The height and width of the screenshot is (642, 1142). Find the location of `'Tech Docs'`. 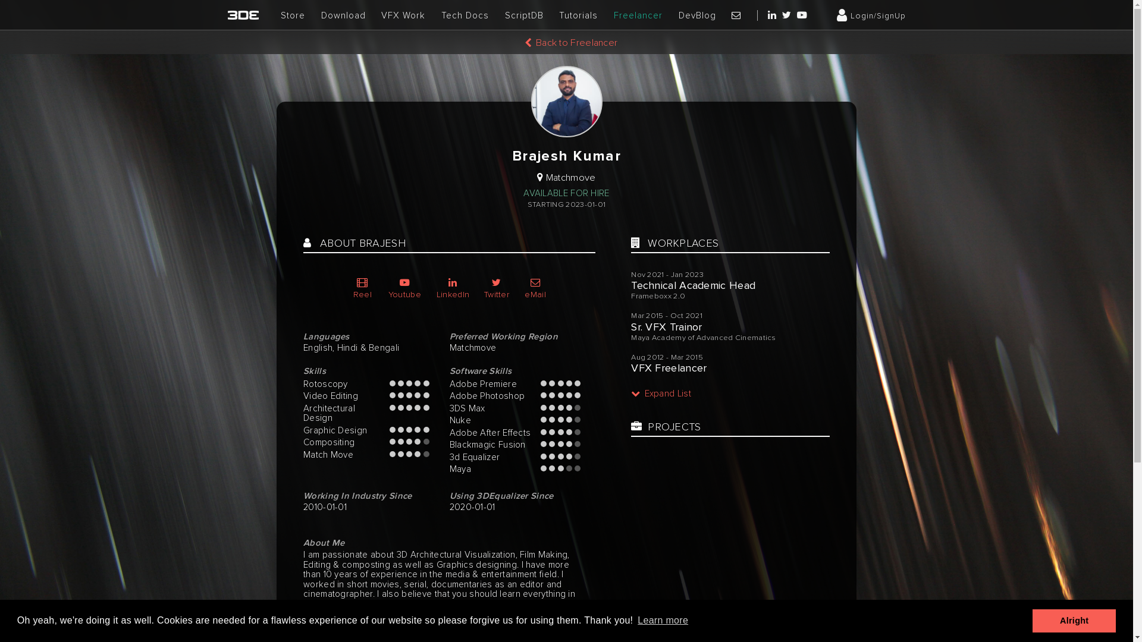

'Tech Docs' is located at coordinates (441, 15).